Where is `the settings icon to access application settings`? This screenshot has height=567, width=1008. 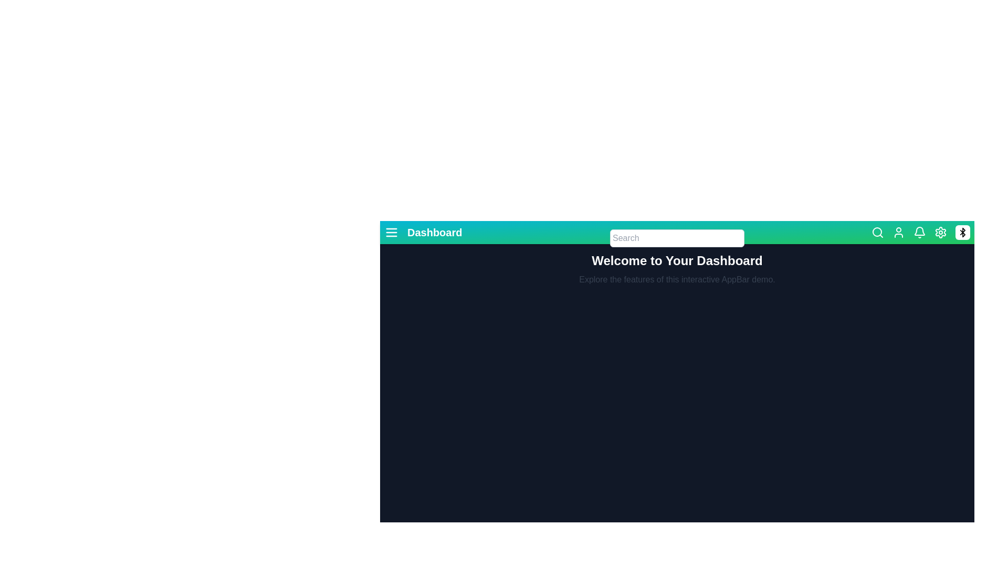 the settings icon to access application settings is located at coordinates (940, 232).